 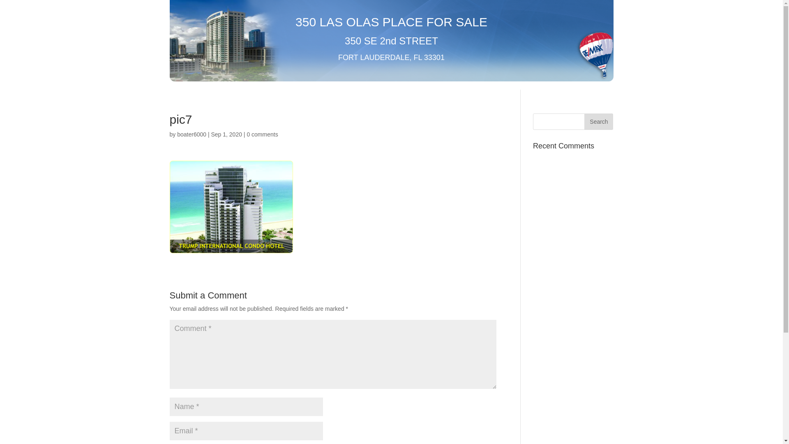 I want to click on 'boater6000', so click(x=191, y=134).